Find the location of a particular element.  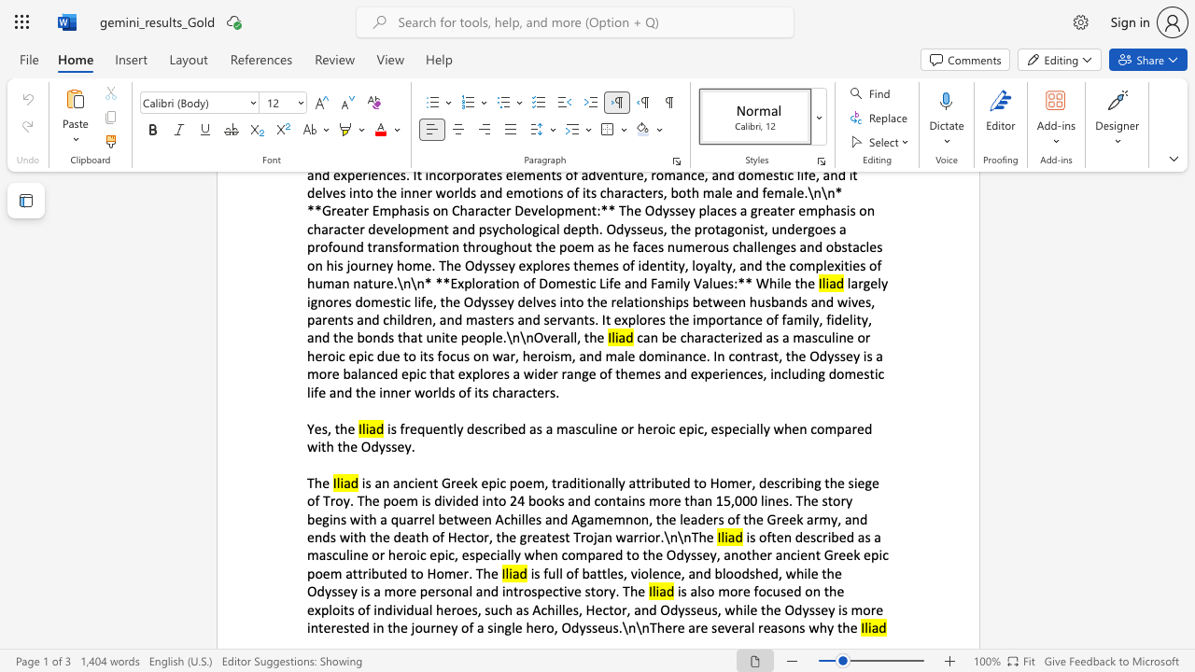

the subset text "more focused on the exploits of individual heroes, such as Achilles, Hector, and Odysseus, while the Odyssey is mor" within the text "is also more focused on the exploits of individual heroes, such as Achilles, Hector, and Odysseus, while the Odyssey is more interested in the journey of a single hero, Odysseus.\n\nThere are several reasons why the" is located at coordinates (717, 591).